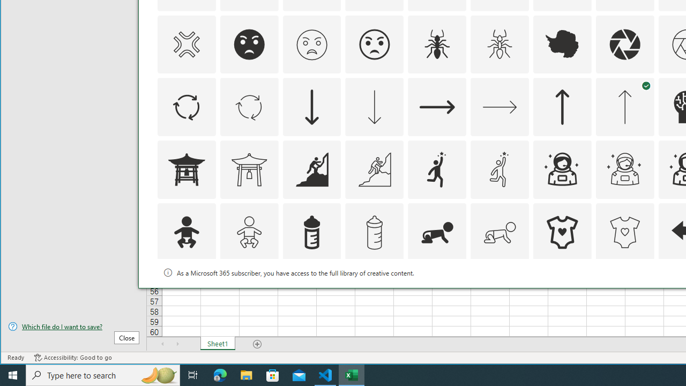 The width and height of the screenshot is (686, 386). What do you see at coordinates (374, 232) in the screenshot?
I see `'AutomationID: Icons_BabyBottle_M'` at bounding box center [374, 232].